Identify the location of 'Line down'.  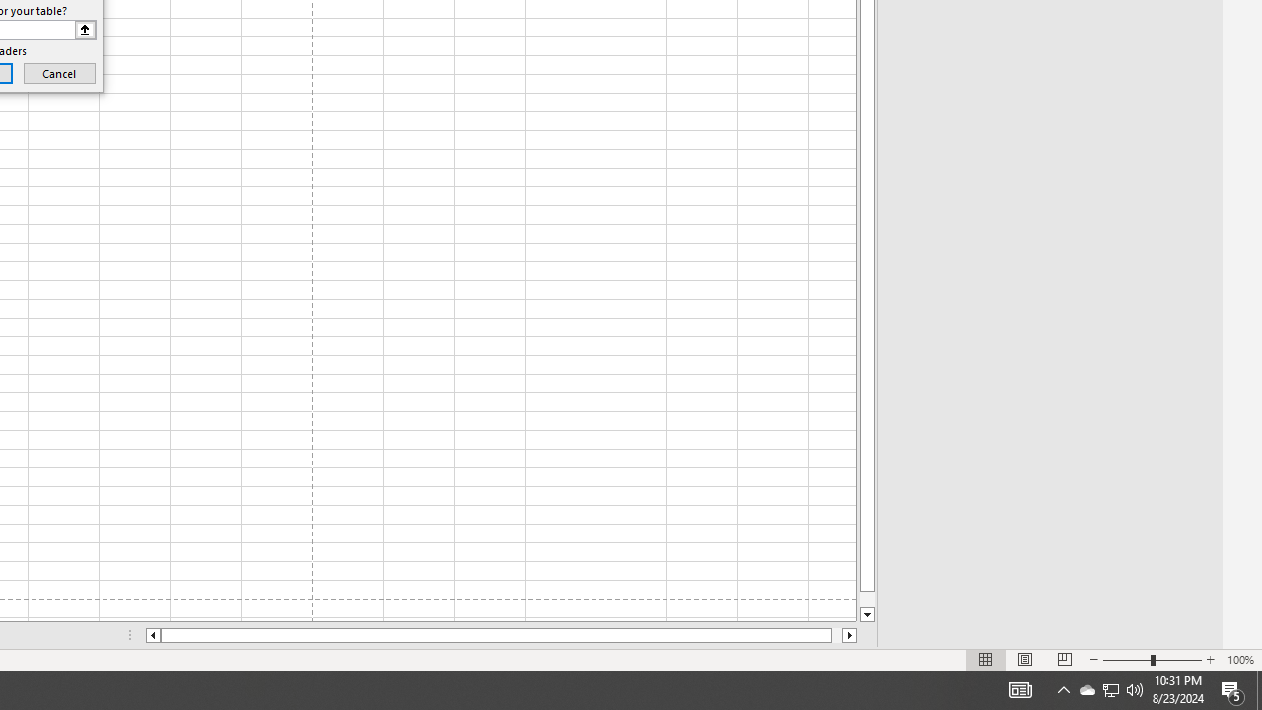
(867, 614).